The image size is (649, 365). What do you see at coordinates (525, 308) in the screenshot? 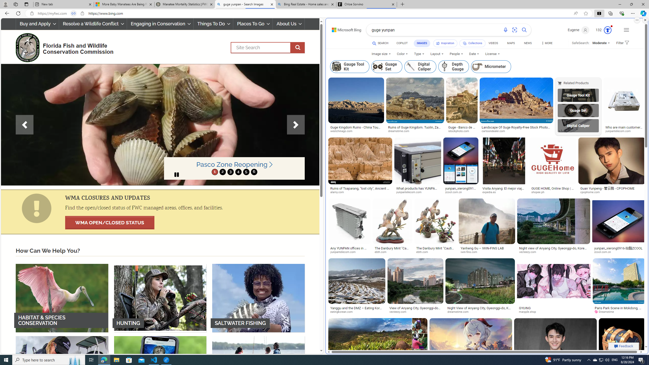
I see `'GYUING'` at bounding box center [525, 308].